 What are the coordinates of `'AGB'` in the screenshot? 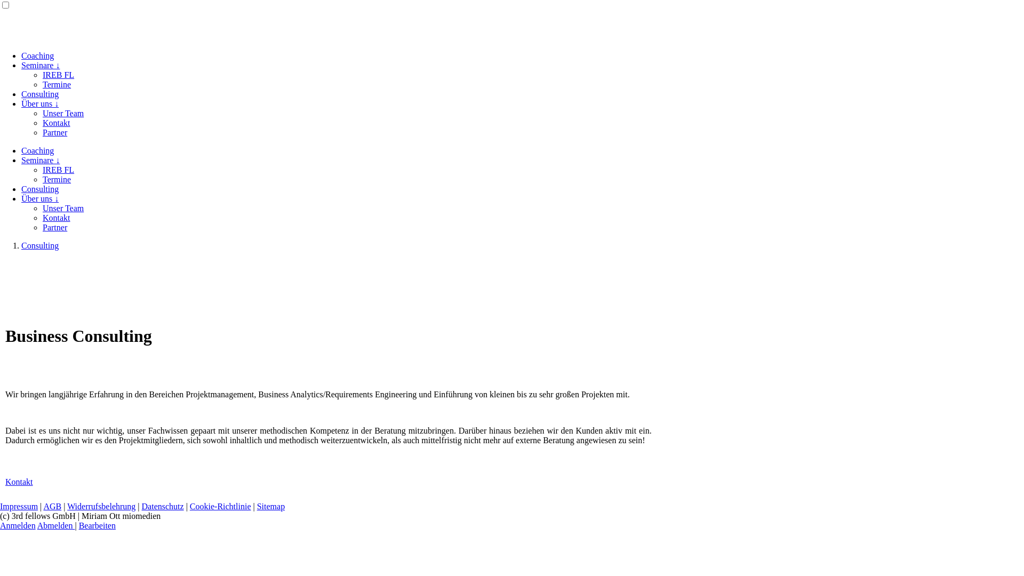 It's located at (43, 506).